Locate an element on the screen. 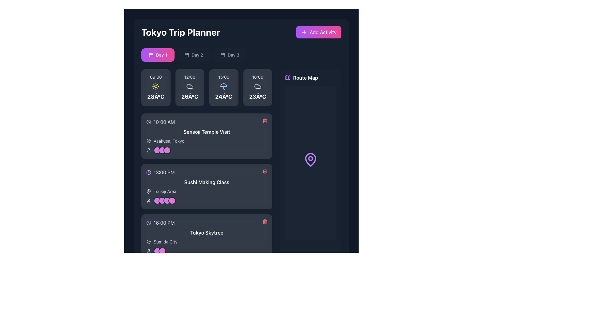  the calendar icon within the 'Day 1' button located below the 'Tokyo Trip Planner' title is located at coordinates (151, 54).